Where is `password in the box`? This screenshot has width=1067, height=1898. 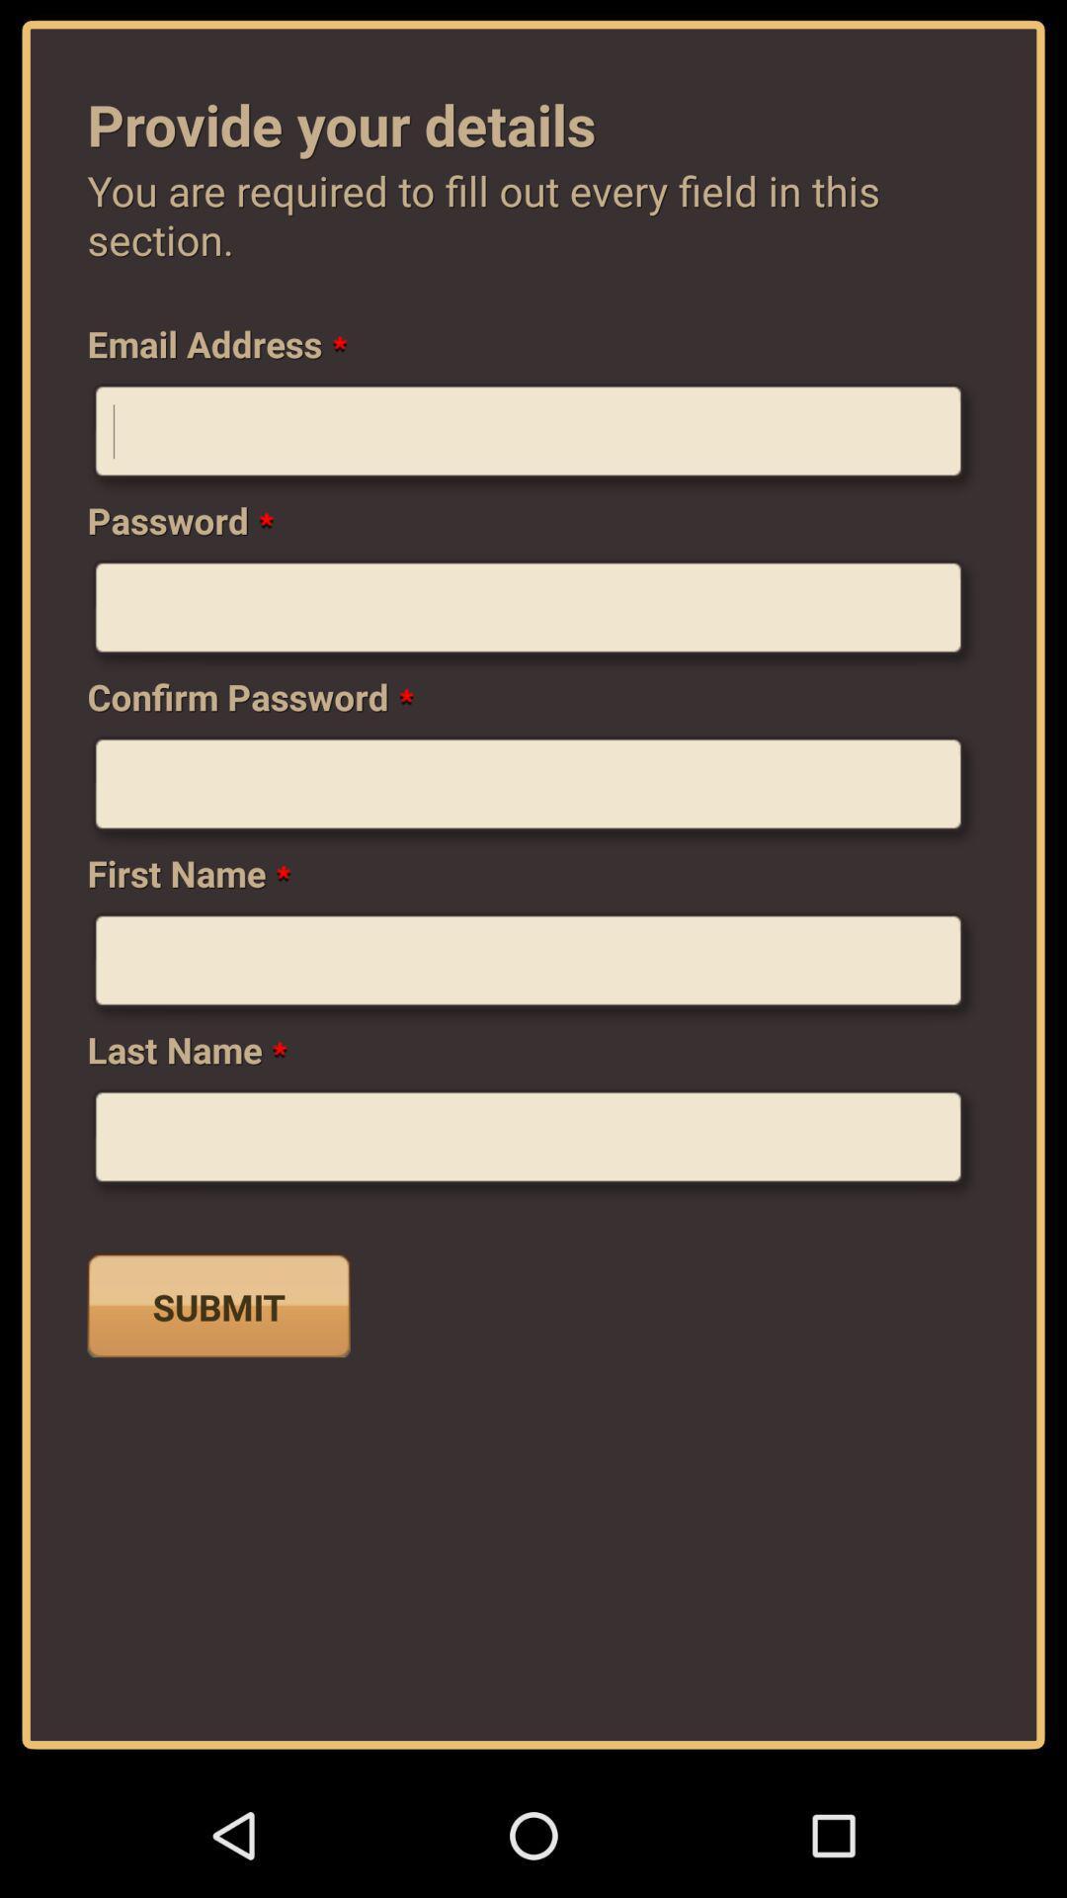
password in the box is located at coordinates (533, 614).